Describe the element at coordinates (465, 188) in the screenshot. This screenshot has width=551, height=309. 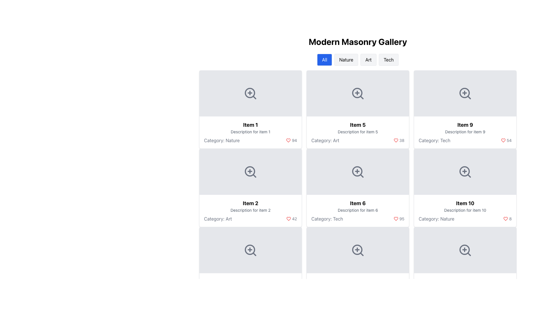
I see `the item card in the masonry gallery that displays details including a title, description, category, and like count, located in the third column and fourth row of the grid layout` at that location.